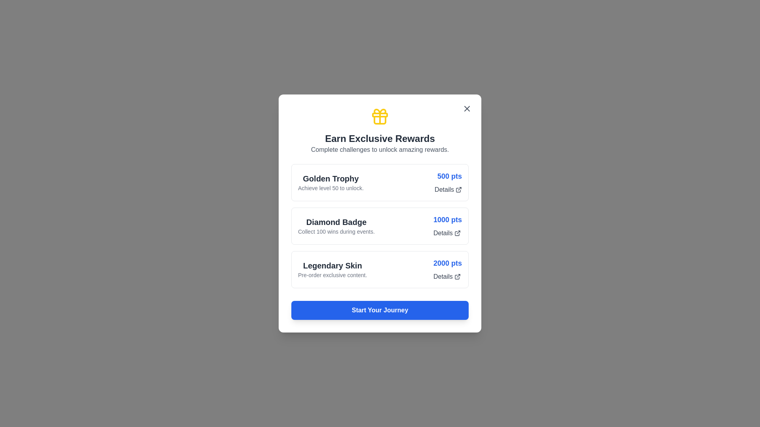  What do you see at coordinates (467, 108) in the screenshot?
I see `the 'X' icon in the top-right corner of the modal window` at bounding box center [467, 108].